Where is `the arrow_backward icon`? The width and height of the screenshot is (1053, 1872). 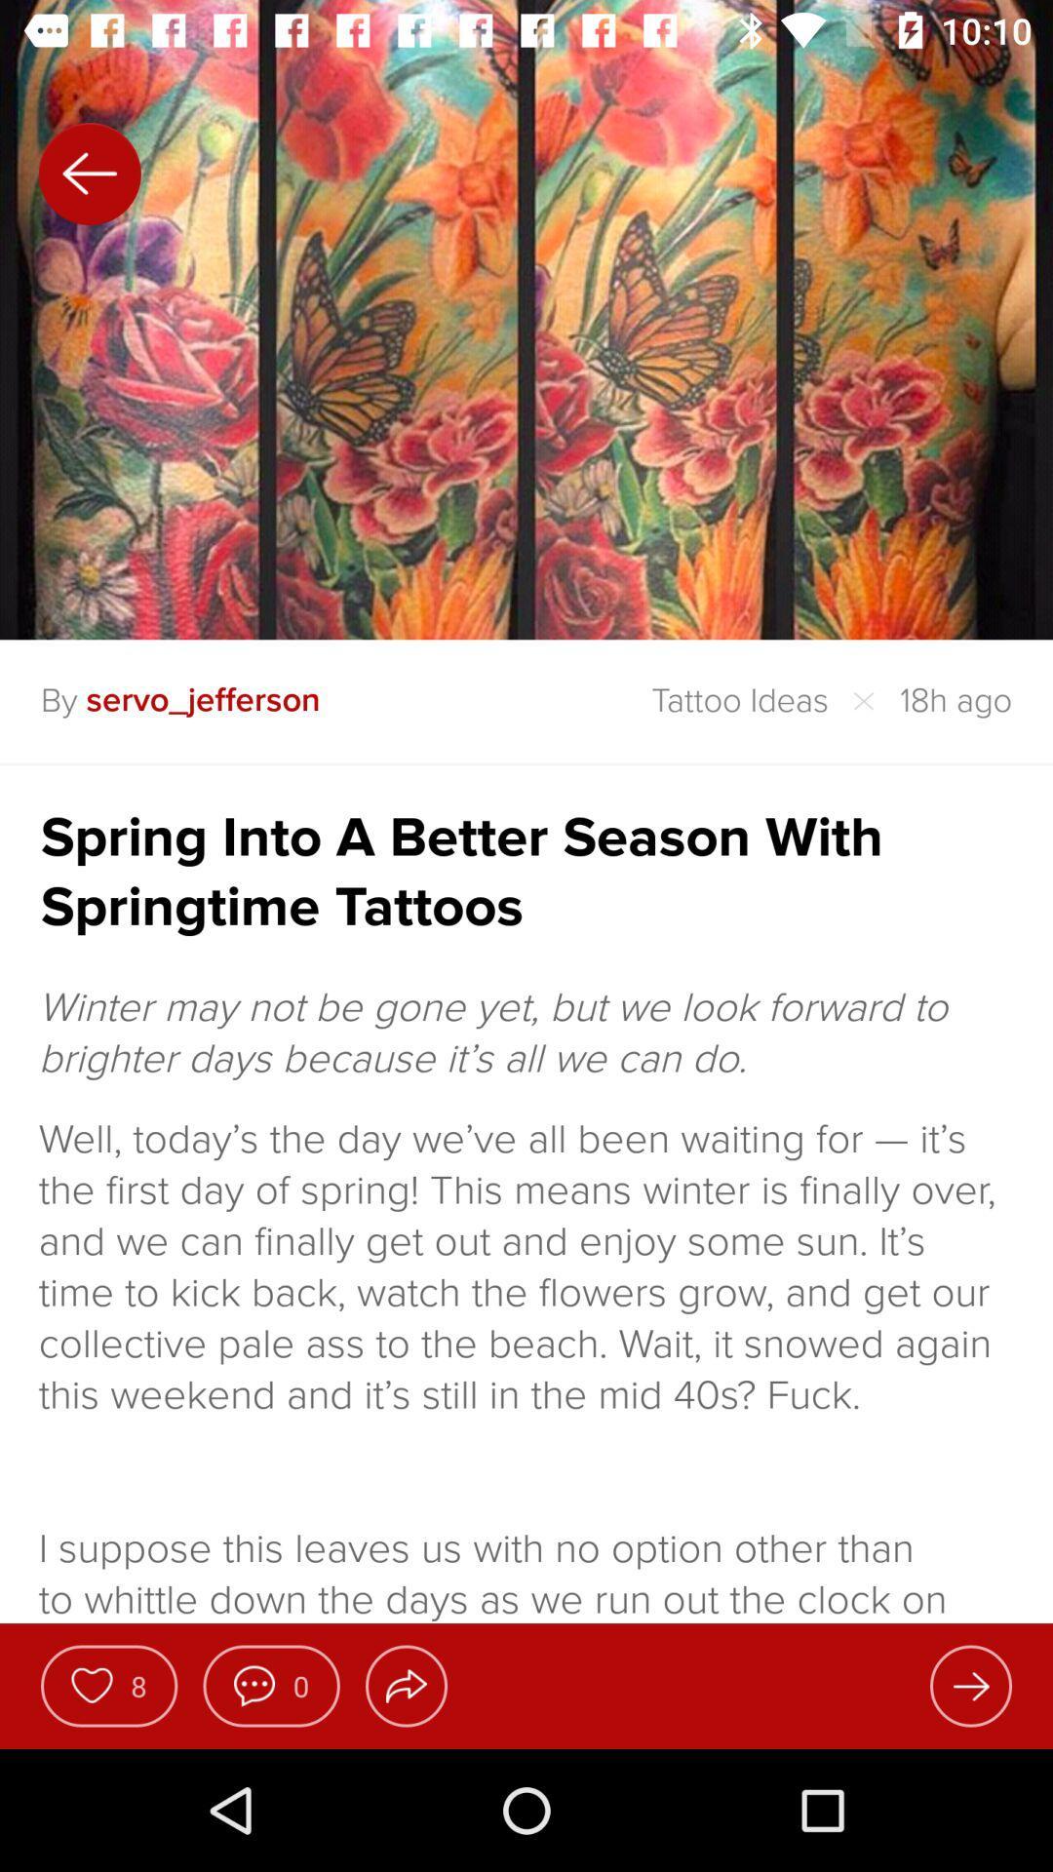 the arrow_backward icon is located at coordinates (90, 174).